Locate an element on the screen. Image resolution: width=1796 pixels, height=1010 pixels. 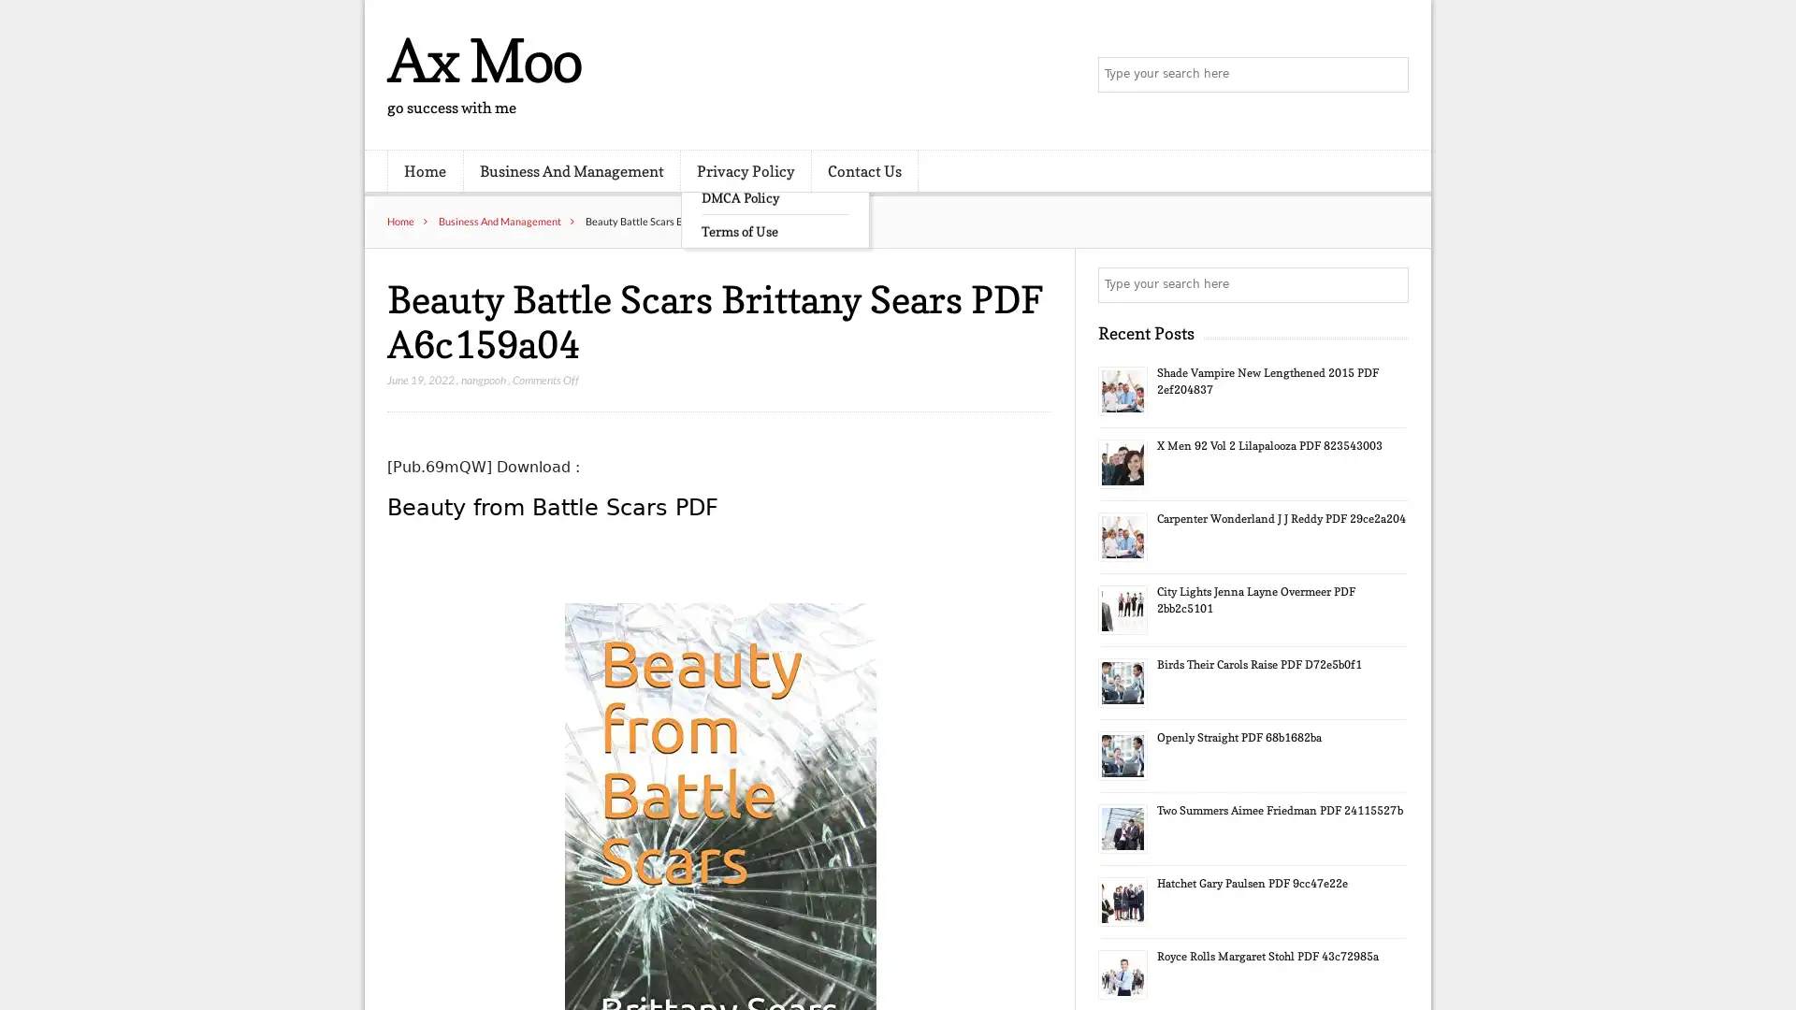
Search is located at coordinates (1389, 75).